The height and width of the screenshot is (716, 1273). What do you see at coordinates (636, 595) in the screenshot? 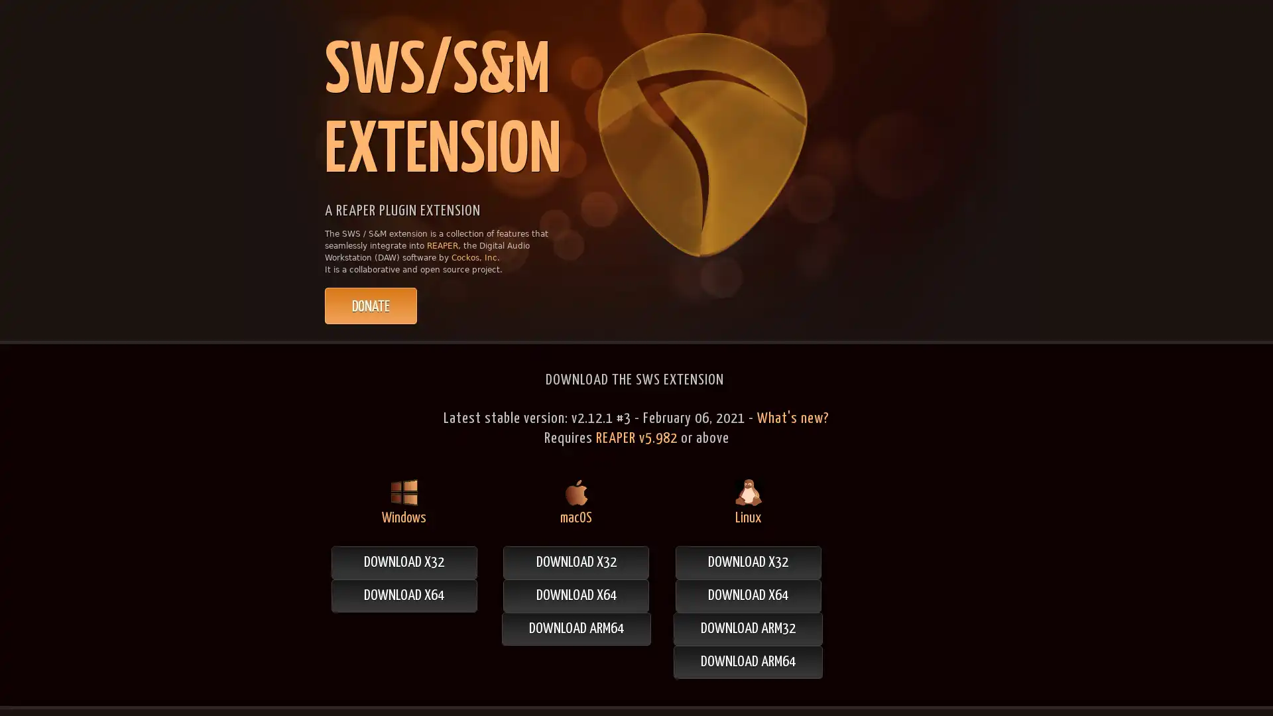
I see `DOWNLOAD X64` at bounding box center [636, 595].